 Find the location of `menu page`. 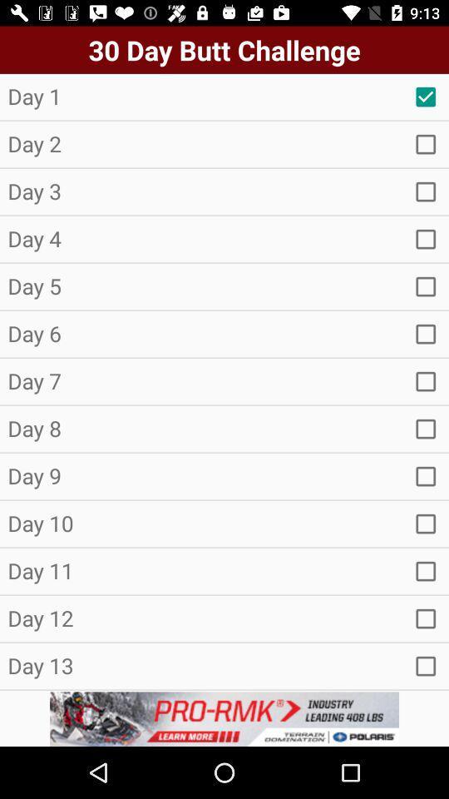

menu page is located at coordinates (426, 333).